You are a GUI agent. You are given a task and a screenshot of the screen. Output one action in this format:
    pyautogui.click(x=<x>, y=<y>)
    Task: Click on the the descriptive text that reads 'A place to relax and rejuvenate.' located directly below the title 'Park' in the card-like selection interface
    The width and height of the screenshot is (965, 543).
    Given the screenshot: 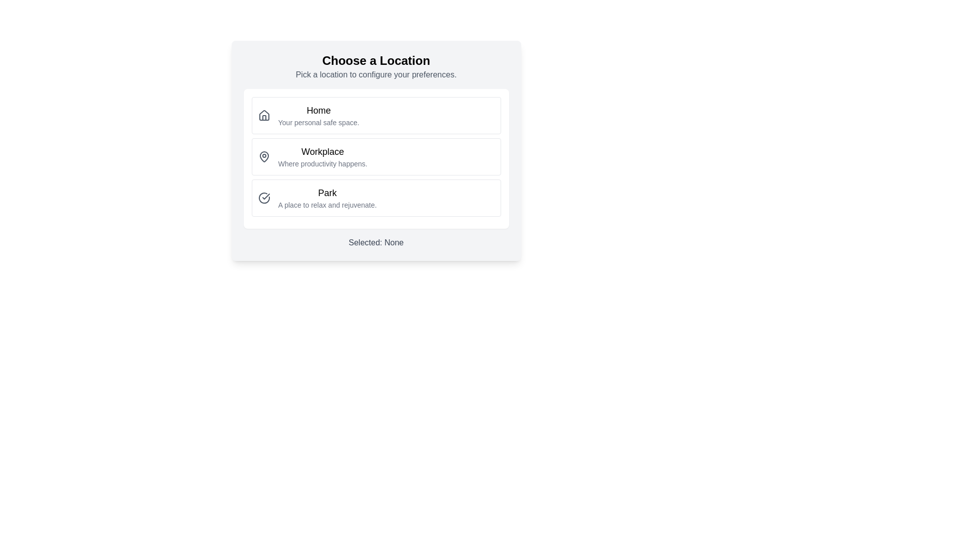 What is the action you would take?
    pyautogui.click(x=327, y=205)
    